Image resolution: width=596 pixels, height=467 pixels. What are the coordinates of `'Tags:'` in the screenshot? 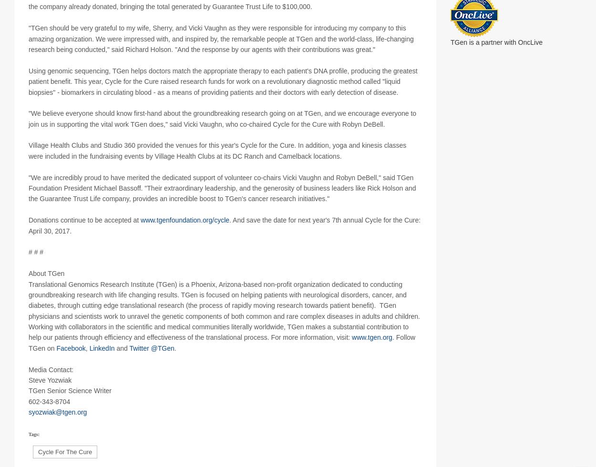 It's located at (29, 445).